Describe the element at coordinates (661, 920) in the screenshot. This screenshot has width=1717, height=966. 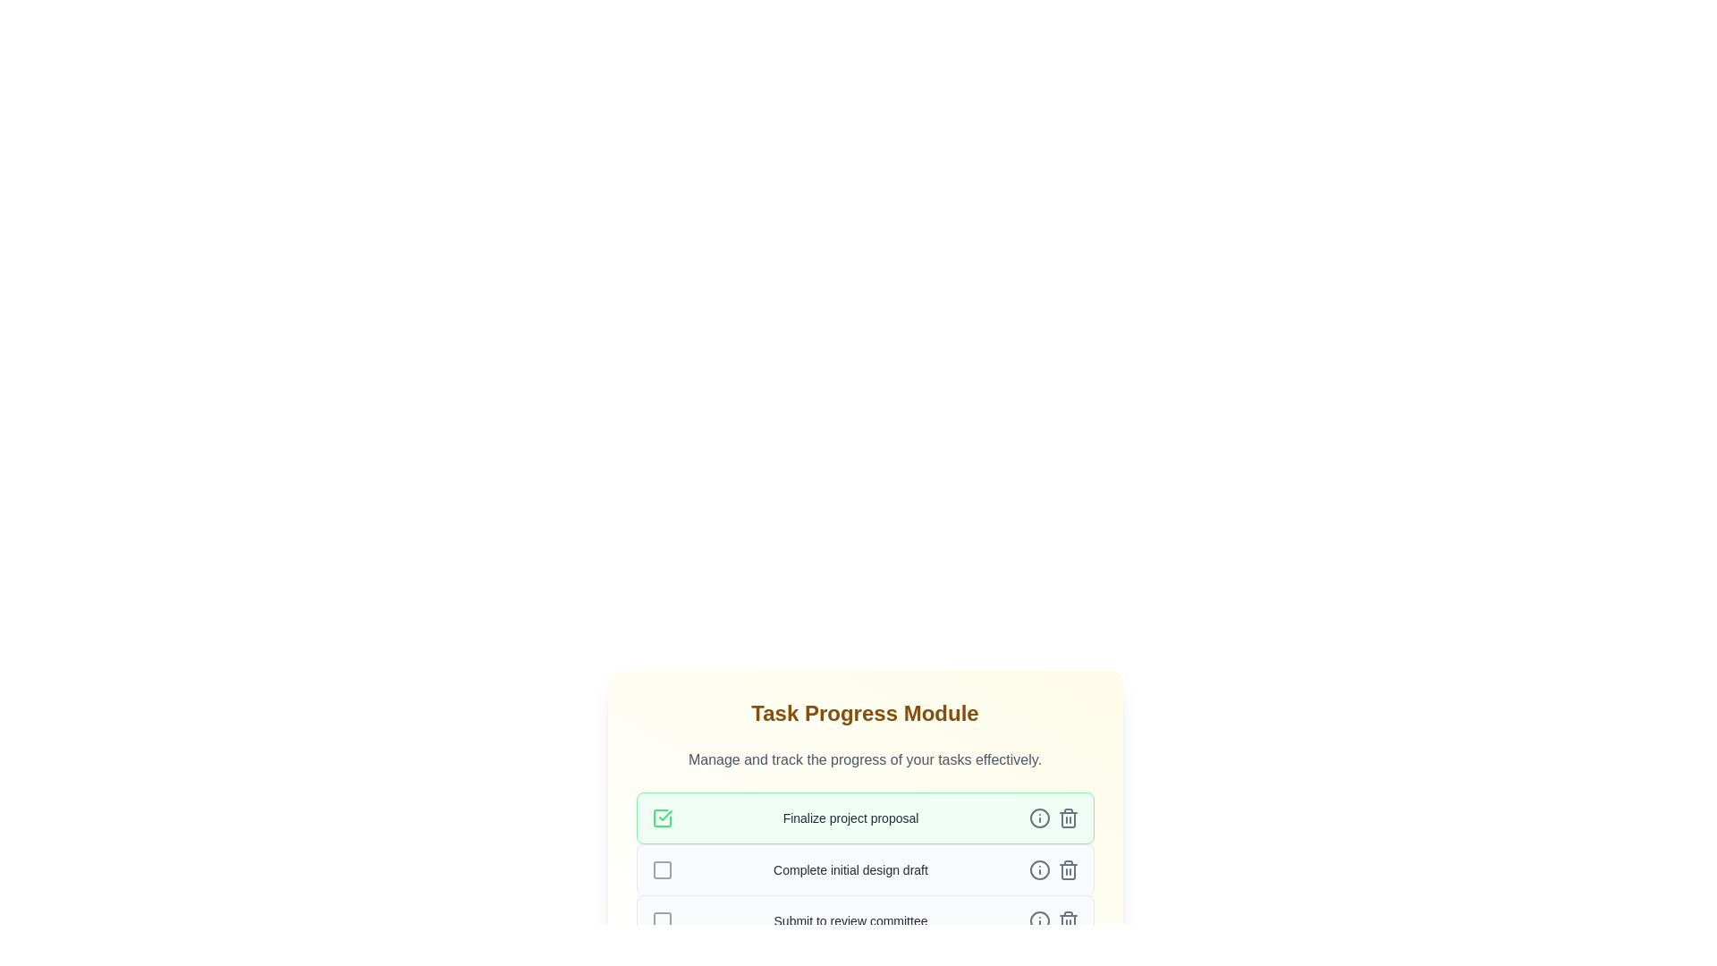
I see `the checkbox located to the left of the 'Submit to review committee' task in the vertical task list` at that location.